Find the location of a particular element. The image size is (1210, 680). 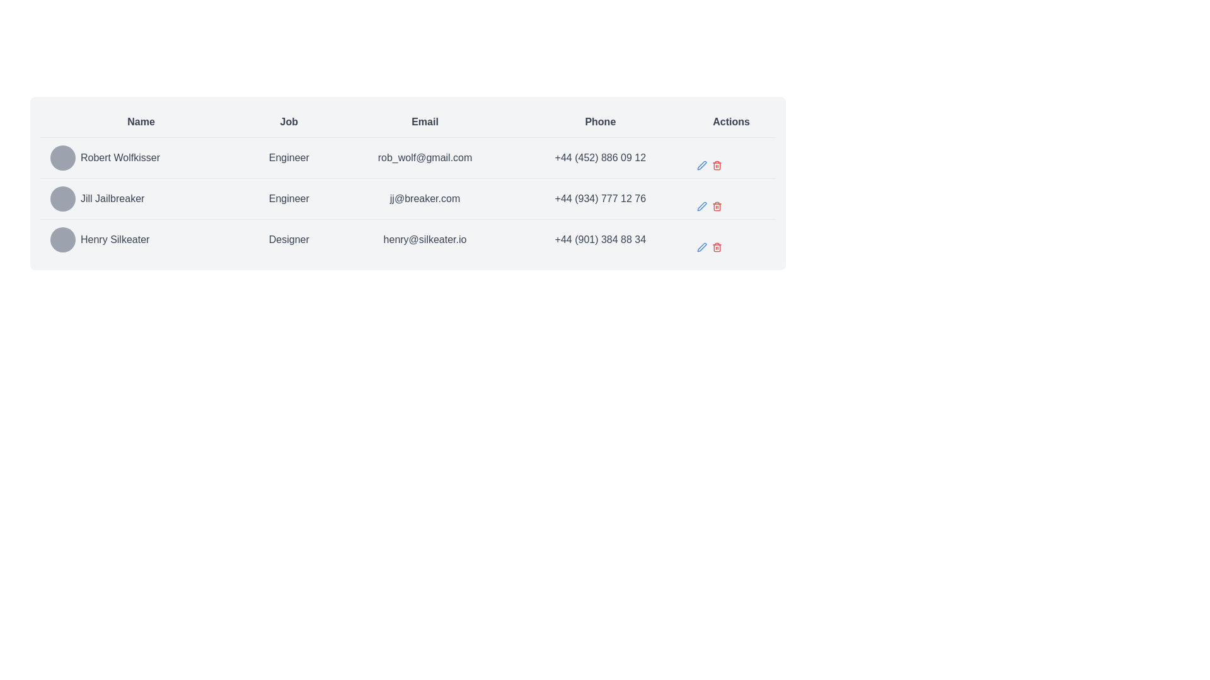

the Text Label displaying the user's name in the Name column of the third row of the table is located at coordinates (141, 240).